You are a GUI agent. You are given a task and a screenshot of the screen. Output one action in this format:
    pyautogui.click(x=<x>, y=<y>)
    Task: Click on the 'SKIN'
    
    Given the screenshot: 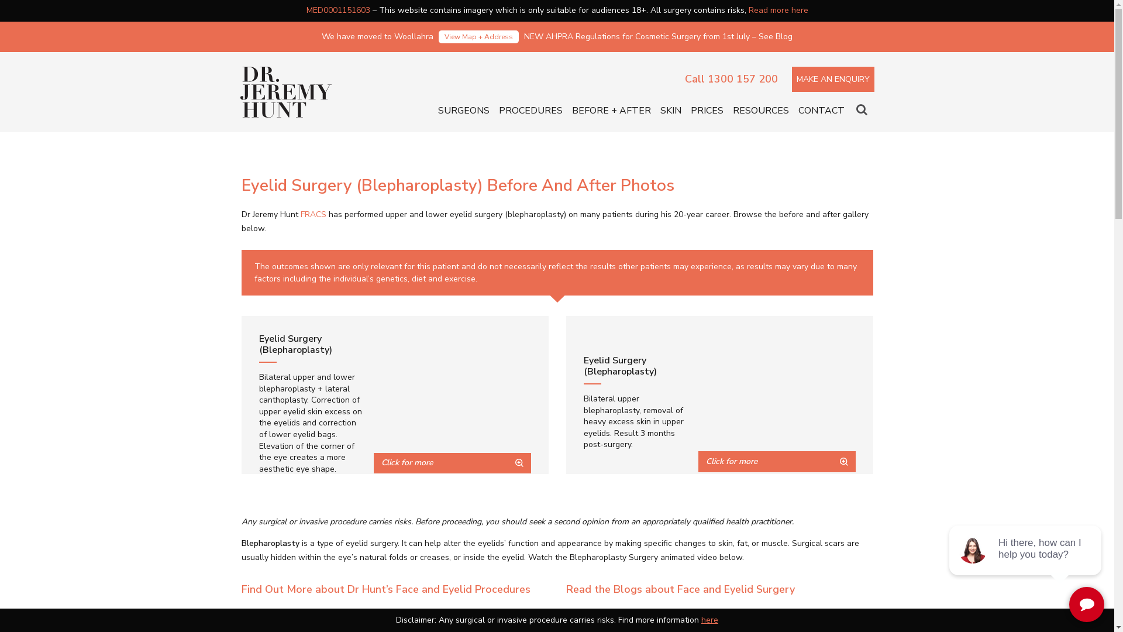 What is the action you would take?
    pyautogui.click(x=670, y=111)
    